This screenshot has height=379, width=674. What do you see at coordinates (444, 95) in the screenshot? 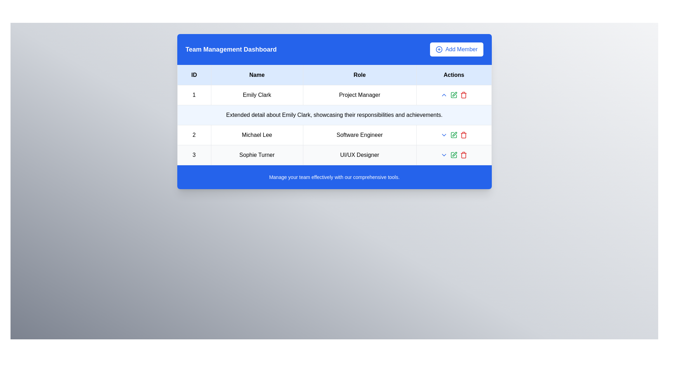
I see `the interactive control button for expanding or collapsing details for the row associated with 'Michael Lee'` at bounding box center [444, 95].